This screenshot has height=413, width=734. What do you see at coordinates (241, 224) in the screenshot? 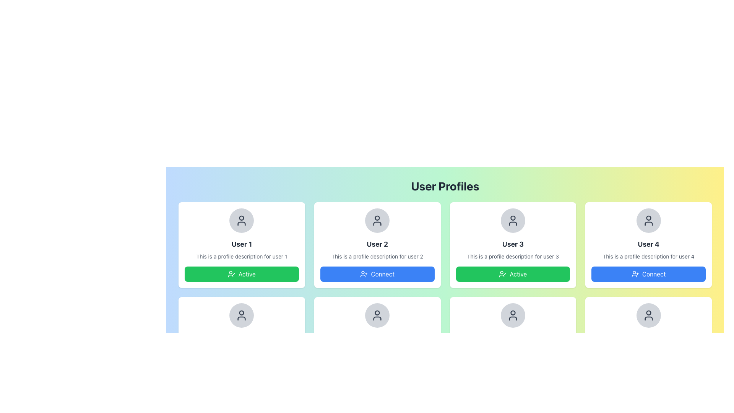
I see `the semicircular graphical icon located at the bottom of the User 1 profile card's avatar icon` at bounding box center [241, 224].